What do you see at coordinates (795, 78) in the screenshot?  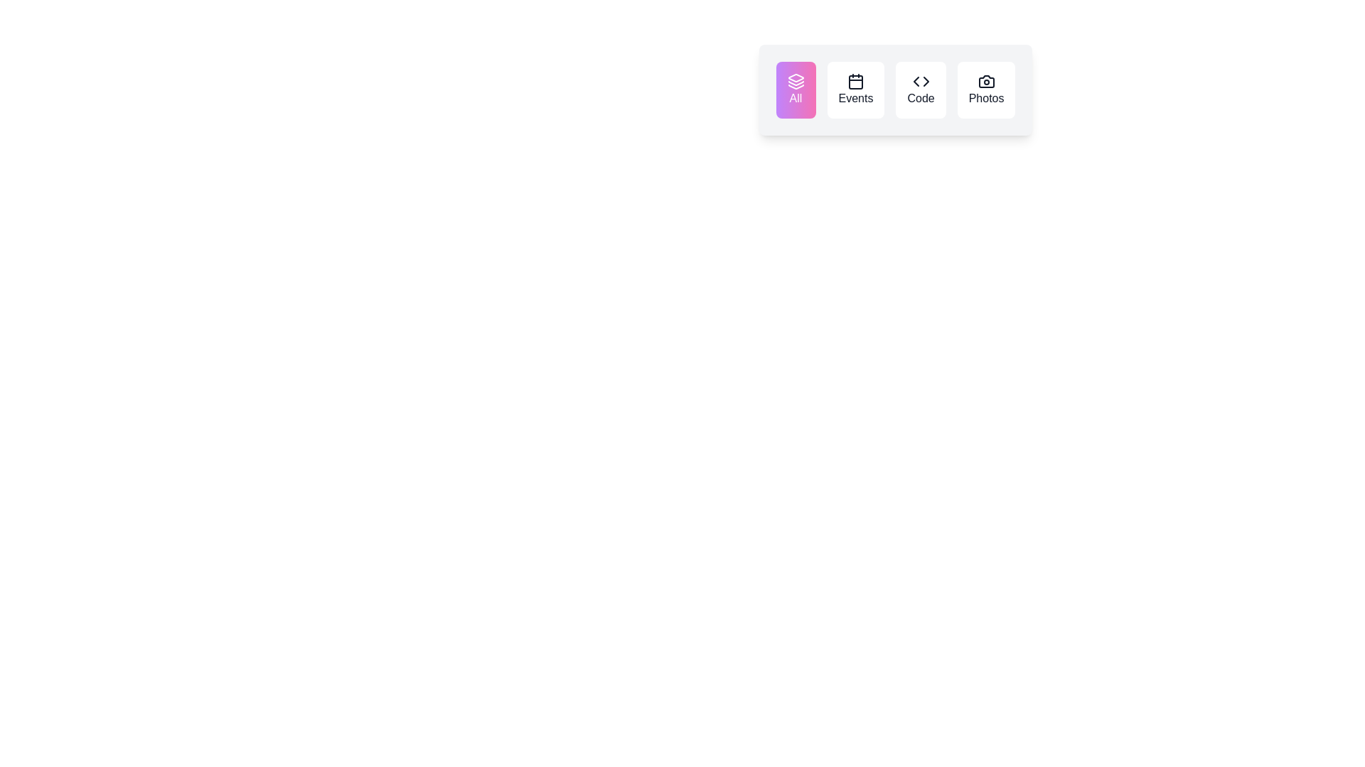 I see `the white SVG icon resembling three stacked layers located inside the purple button labeled 'All'` at bounding box center [795, 78].